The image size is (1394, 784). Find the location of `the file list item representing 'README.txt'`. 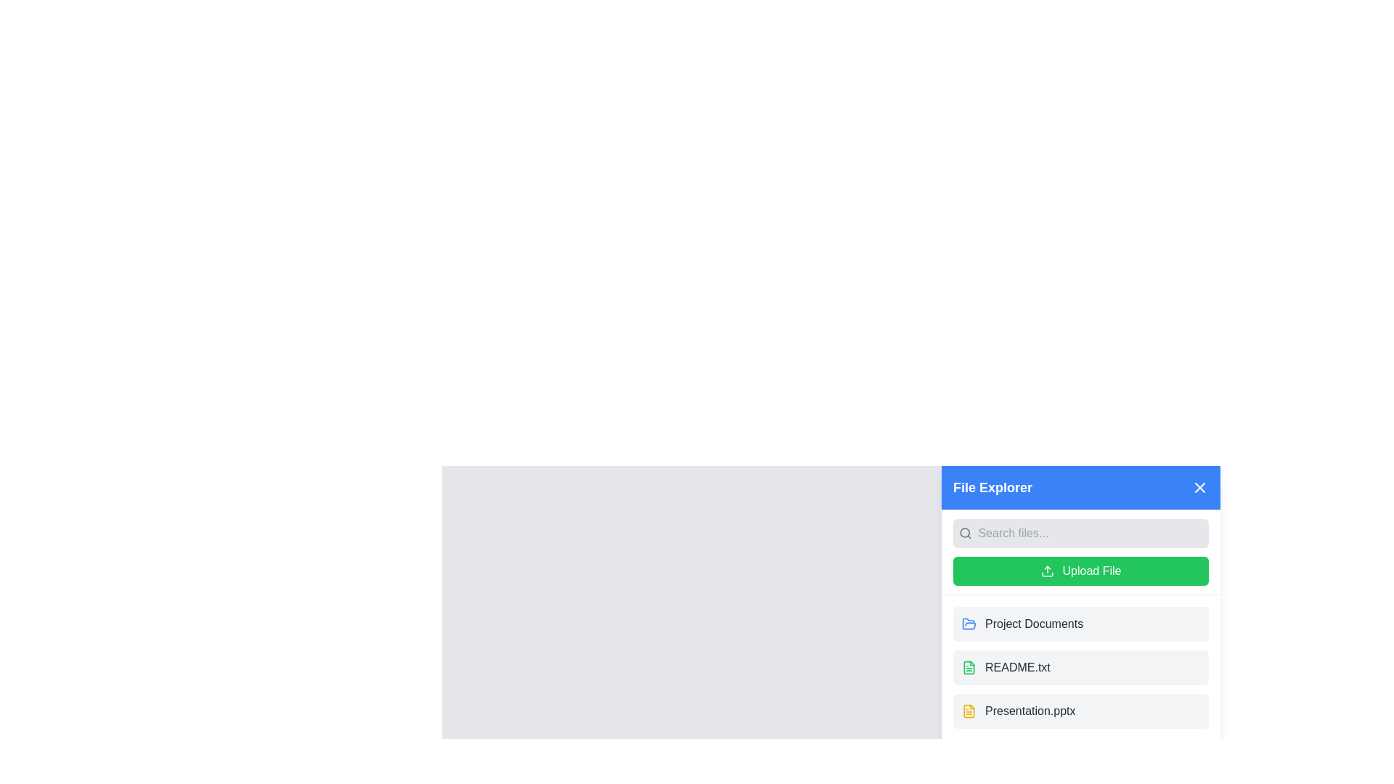

the file list item representing 'README.txt' is located at coordinates (1080, 668).